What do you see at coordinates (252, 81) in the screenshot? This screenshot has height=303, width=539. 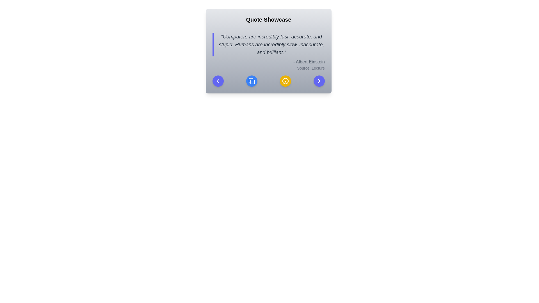 I see `the central copy icon, which is a circular button located below the text content` at bounding box center [252, 81].